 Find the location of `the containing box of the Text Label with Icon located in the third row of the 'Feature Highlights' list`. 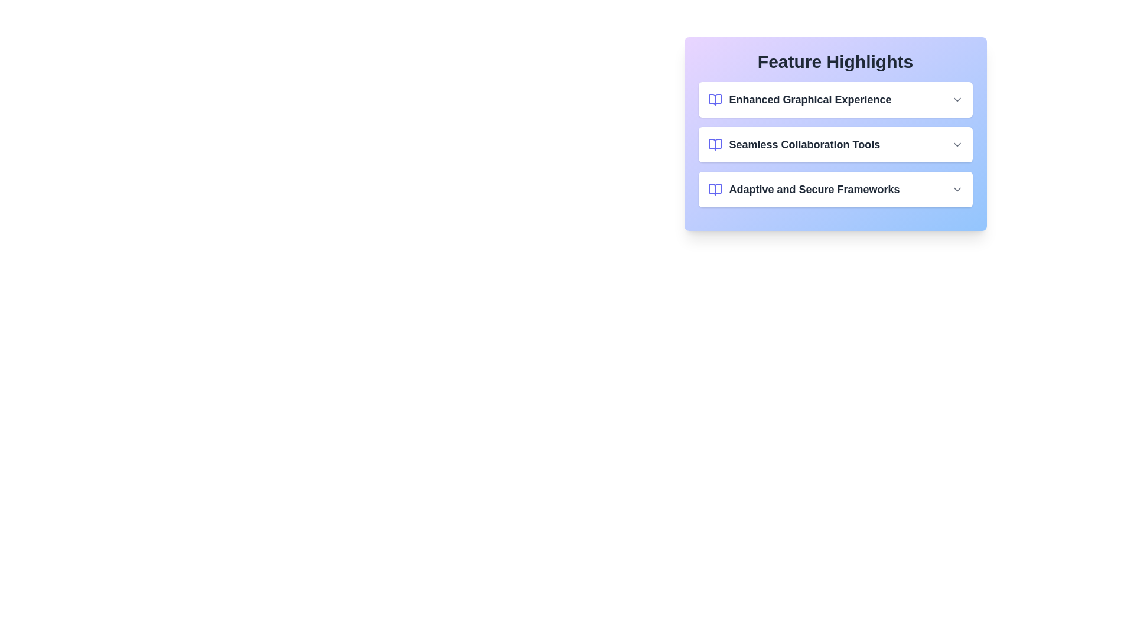

the containing box of the Text Label with Icon located in the third row of the 'Feature Highlights' list is located at coordinates (803, 188).